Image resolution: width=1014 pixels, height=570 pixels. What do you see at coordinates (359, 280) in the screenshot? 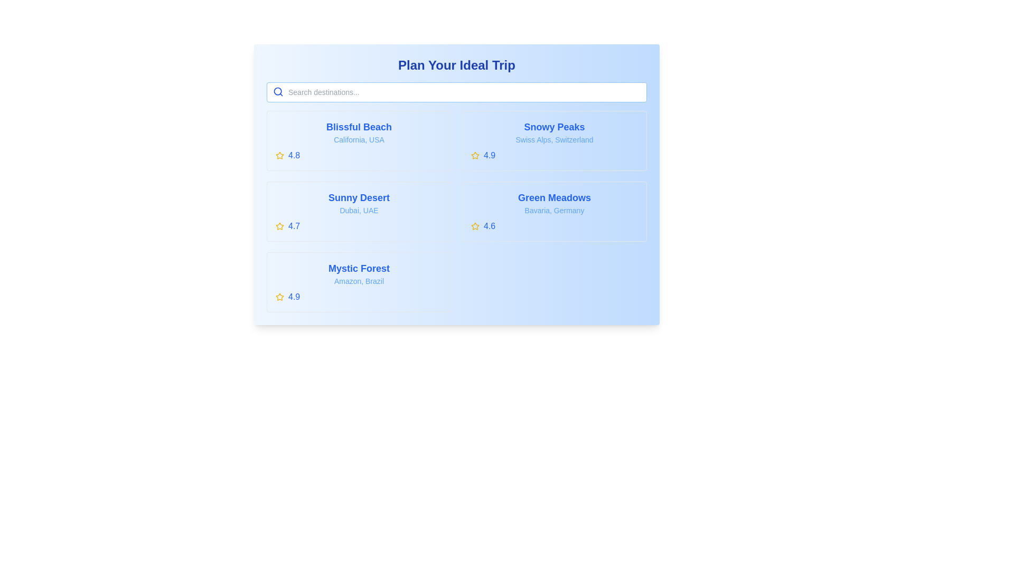
I see `the text label indicating the geographical context associated with the title 'Mystic Forest', which is located directly below the title and above the rating section '4.9'` at bounding box center [359, 280].